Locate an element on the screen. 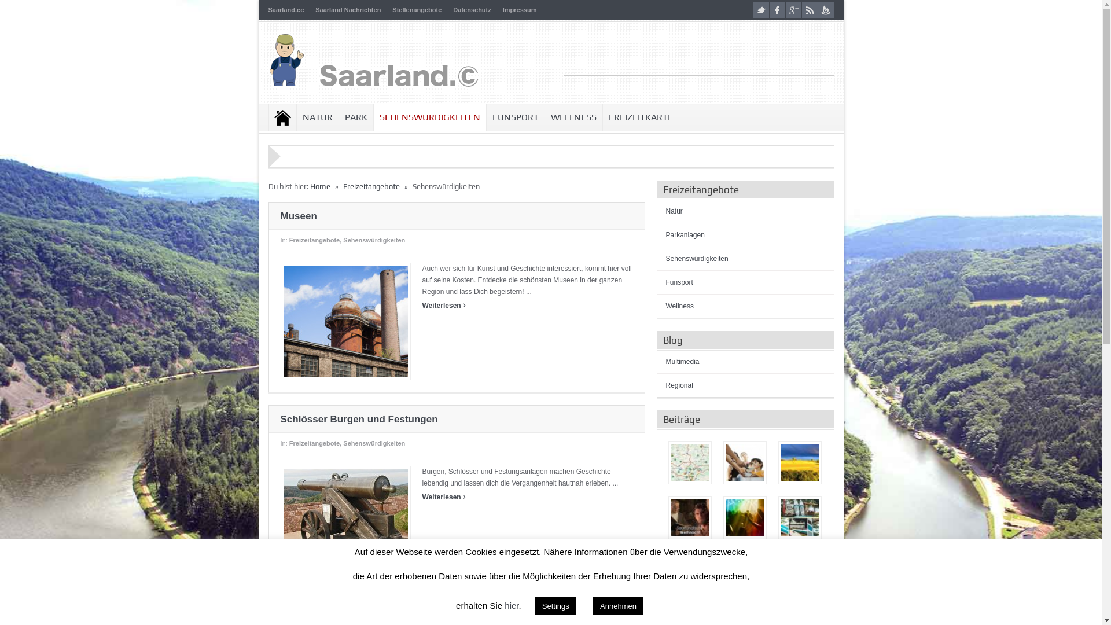 The width and height of the screenshot is (1111, 625). 'FREIZEITKARTE' is located at coordinates (640, 117).